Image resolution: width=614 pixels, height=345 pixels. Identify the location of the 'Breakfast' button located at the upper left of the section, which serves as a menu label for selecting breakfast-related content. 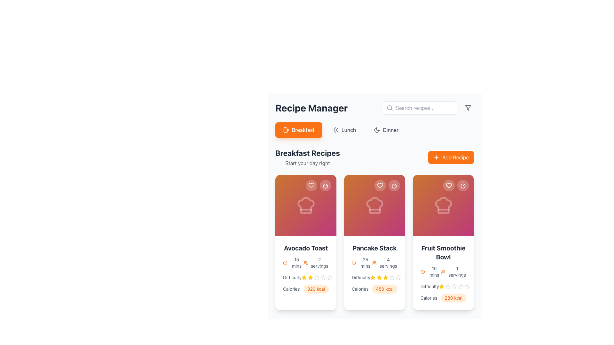
(303, 130).